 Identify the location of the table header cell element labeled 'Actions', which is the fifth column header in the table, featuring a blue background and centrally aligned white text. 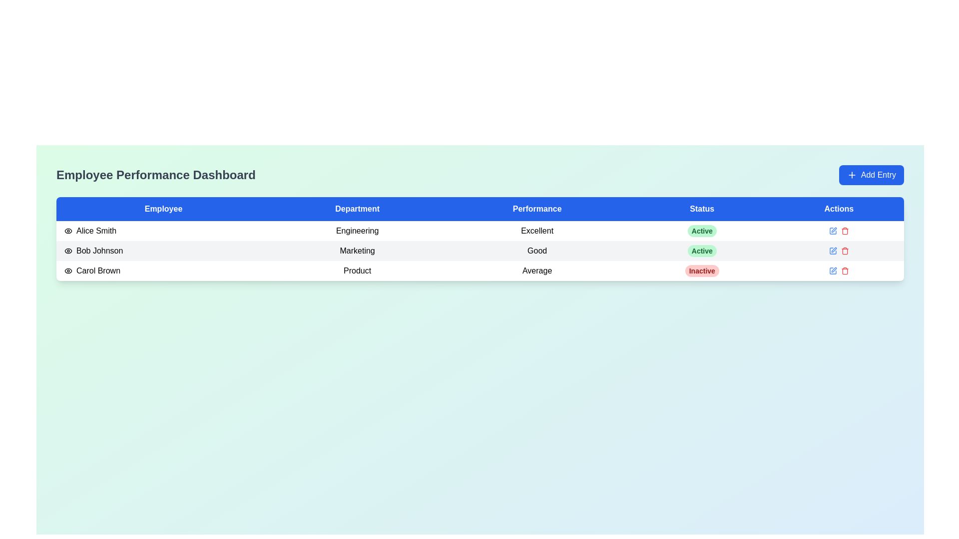
(839, 209).